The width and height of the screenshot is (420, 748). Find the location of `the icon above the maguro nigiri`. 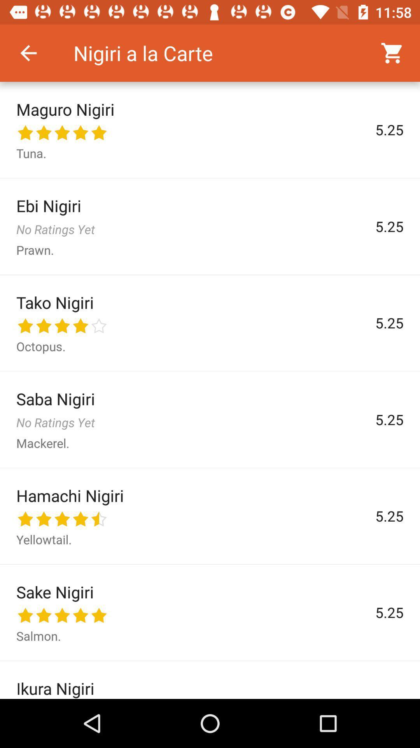

the icon above the maguro nigiri is located at coordinates (28, 53).